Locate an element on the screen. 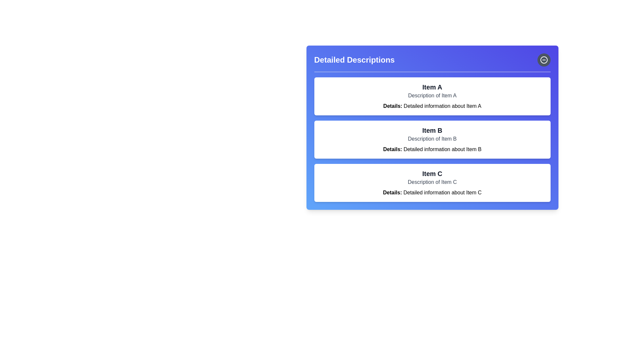 This screenshot has width=630, height=354. informational text label located in the 'Details:' field of the 'Item C' section, which provides additional details about 'Item C' is located at coordinates (442, 192).